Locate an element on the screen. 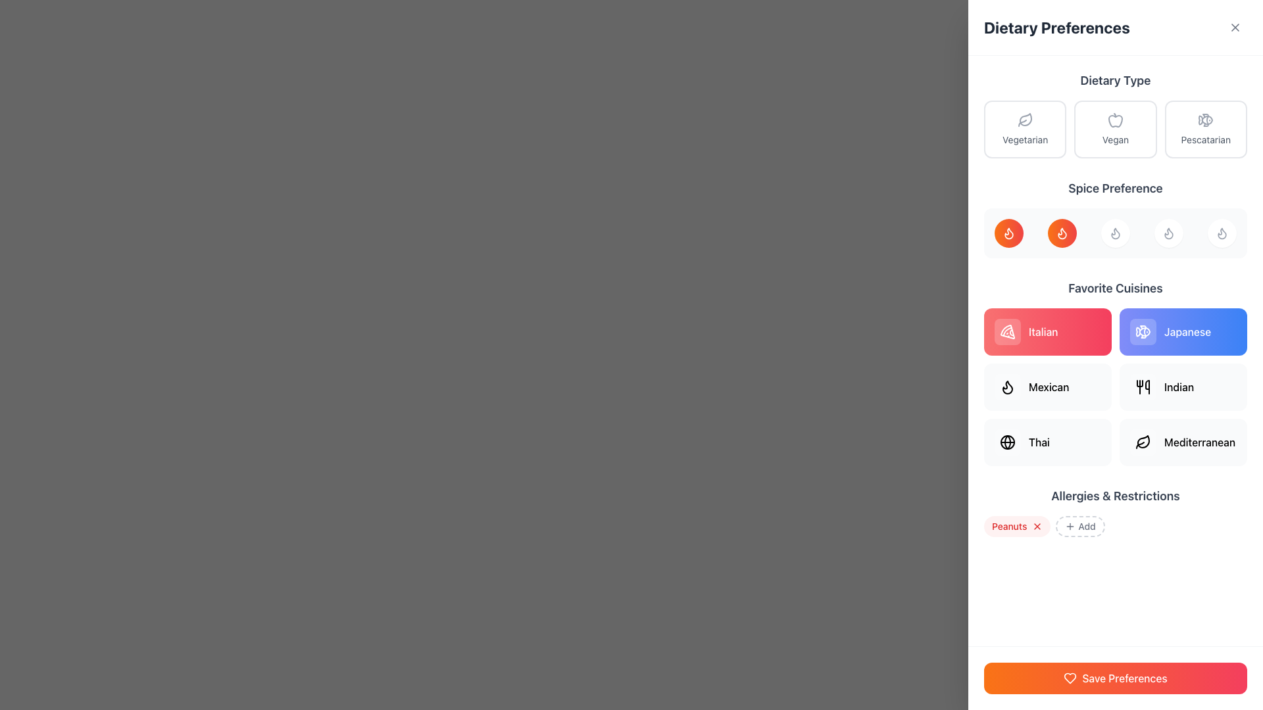 The width and height of the screenshot is (1263, 710). the apple-shaped icon located in the right-hand side panel under the 'Dietary Preferences' section is located at coordinates (1114, 121).